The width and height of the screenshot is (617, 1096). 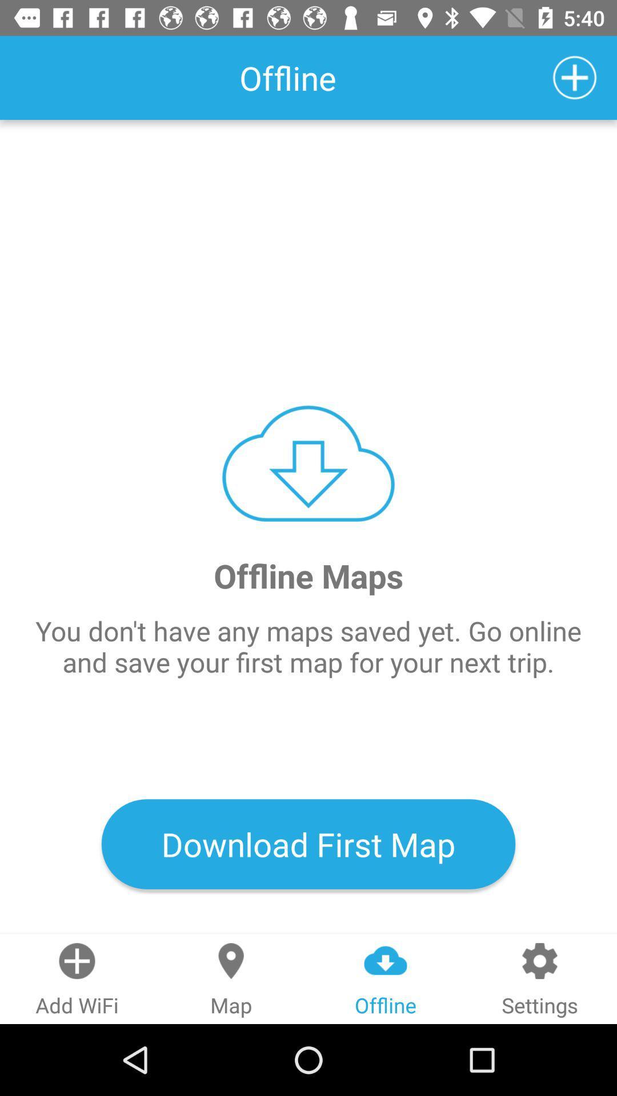 I want to click on item to the right of the offline, so click(x=575, y=77).